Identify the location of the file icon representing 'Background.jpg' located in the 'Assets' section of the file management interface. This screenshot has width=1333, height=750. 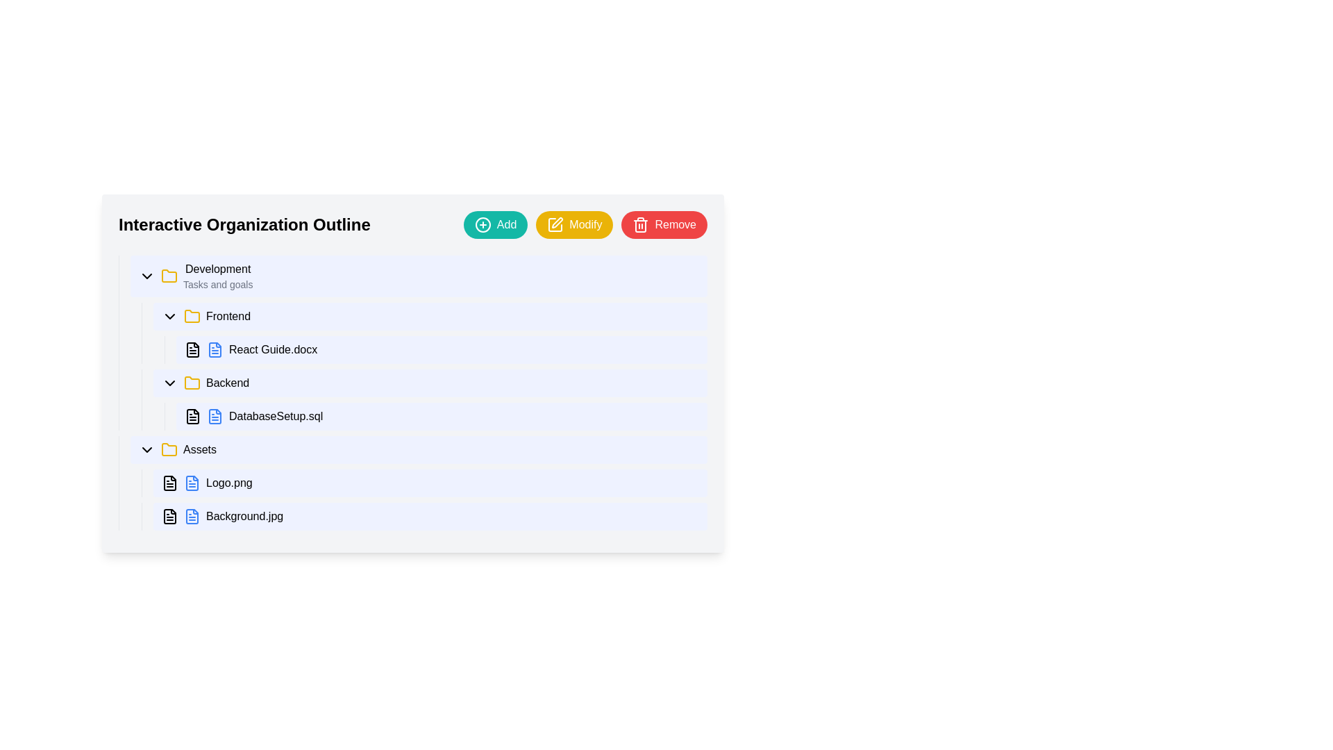
(169, 517).